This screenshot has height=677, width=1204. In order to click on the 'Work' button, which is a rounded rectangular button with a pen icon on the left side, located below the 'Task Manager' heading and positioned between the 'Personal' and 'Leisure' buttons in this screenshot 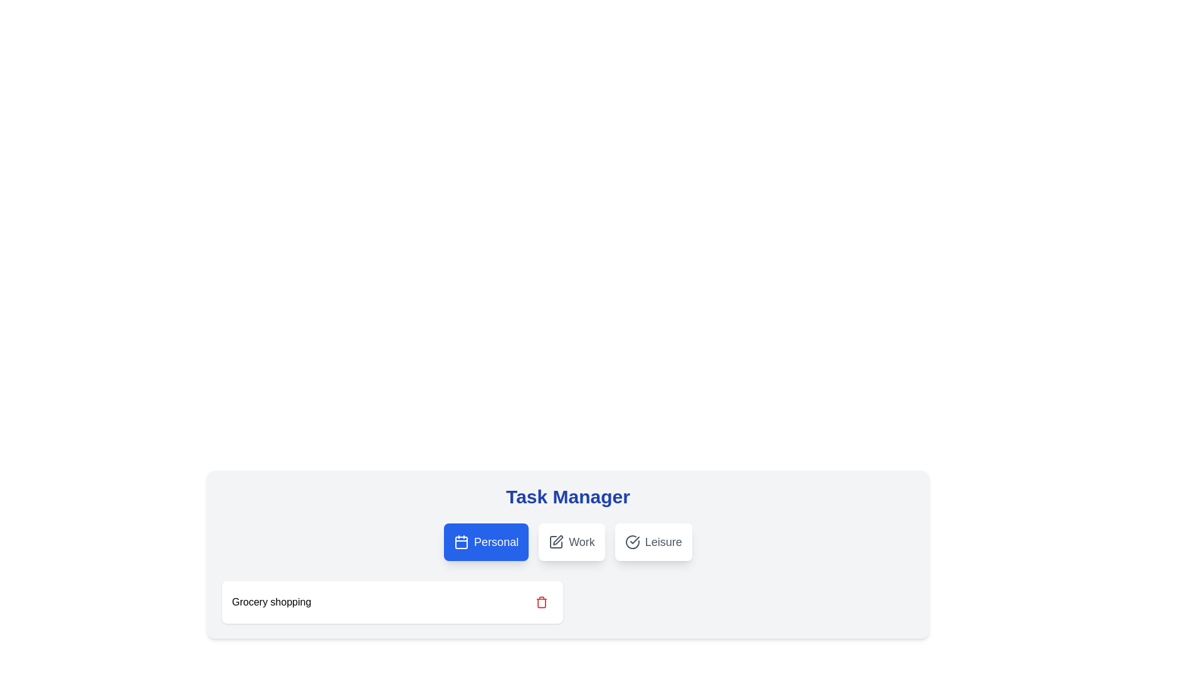, I will do `click(571, 541)`.